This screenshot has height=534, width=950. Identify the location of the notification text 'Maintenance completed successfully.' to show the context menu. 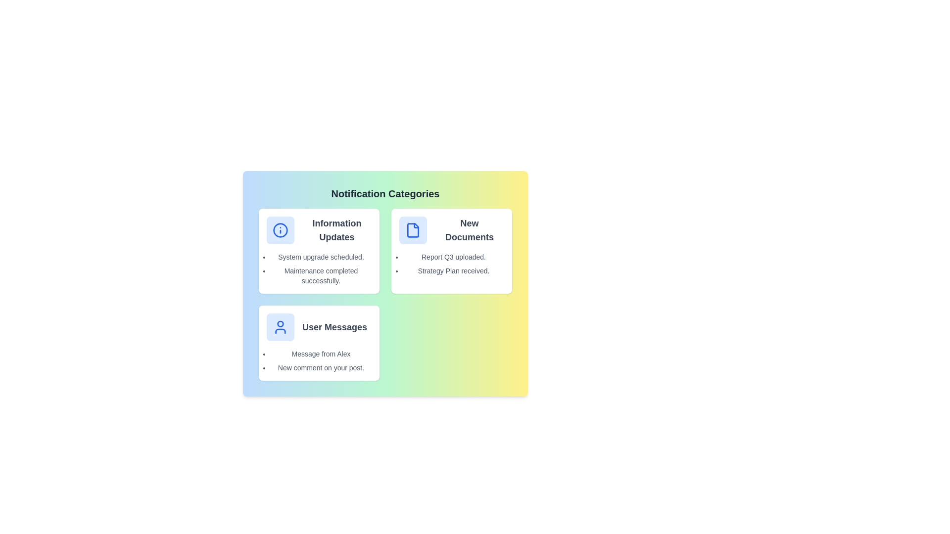
(321, 276).